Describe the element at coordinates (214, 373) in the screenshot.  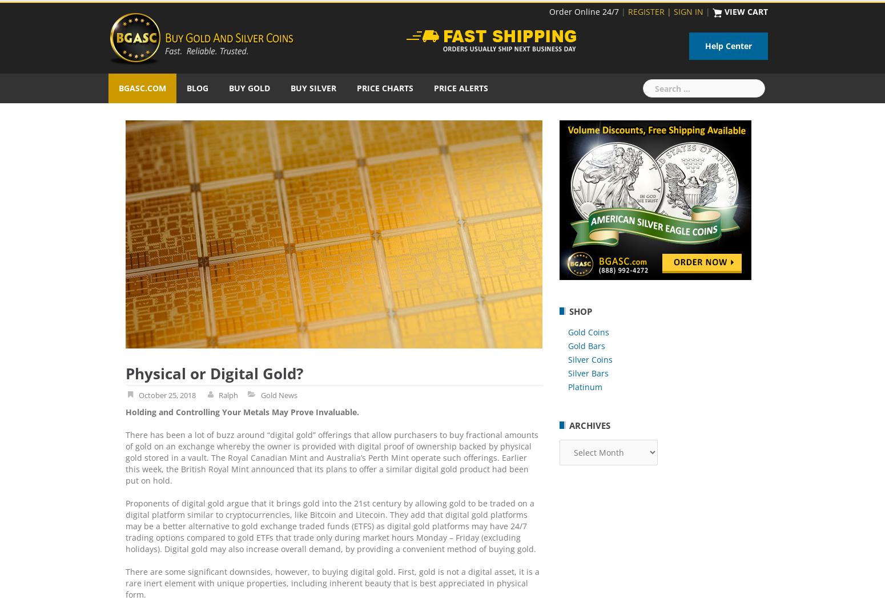
I see `'Physical or Digital Gold?'` at that location.